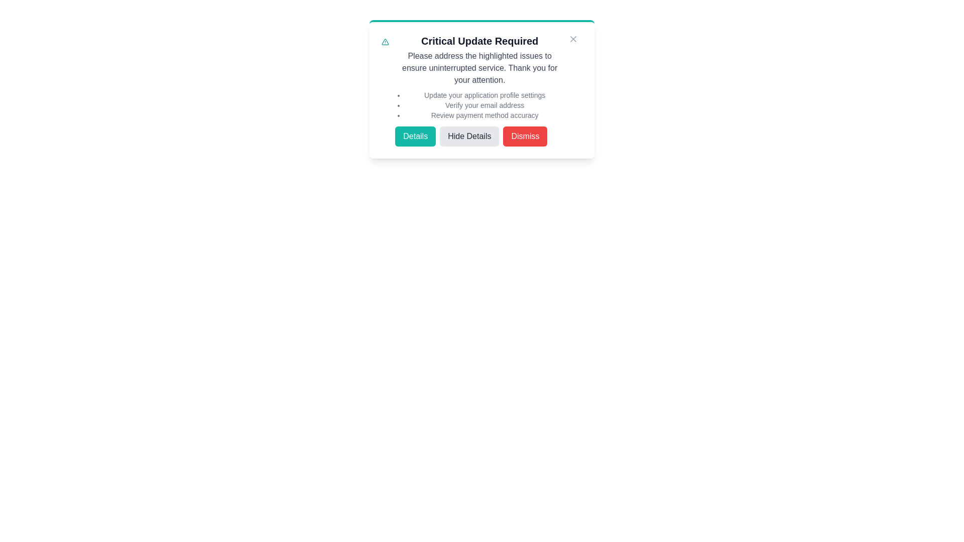  What do you see at coordinates (482, 90) in the screenshot?
I see `the third textual group in the panel that displays a list of actions for the user to address, located beneath the heading 'Critical Update Required'` at bounding box center [482, 90].